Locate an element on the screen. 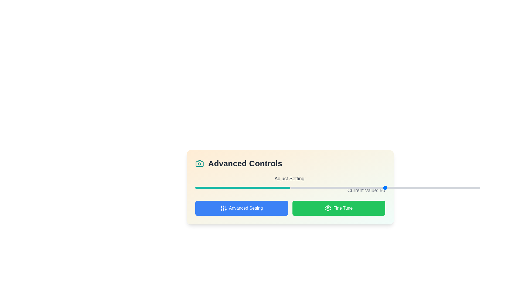 The height and width of the screenshot is (291, 518). the slider value is located at coordinates (360, 188).